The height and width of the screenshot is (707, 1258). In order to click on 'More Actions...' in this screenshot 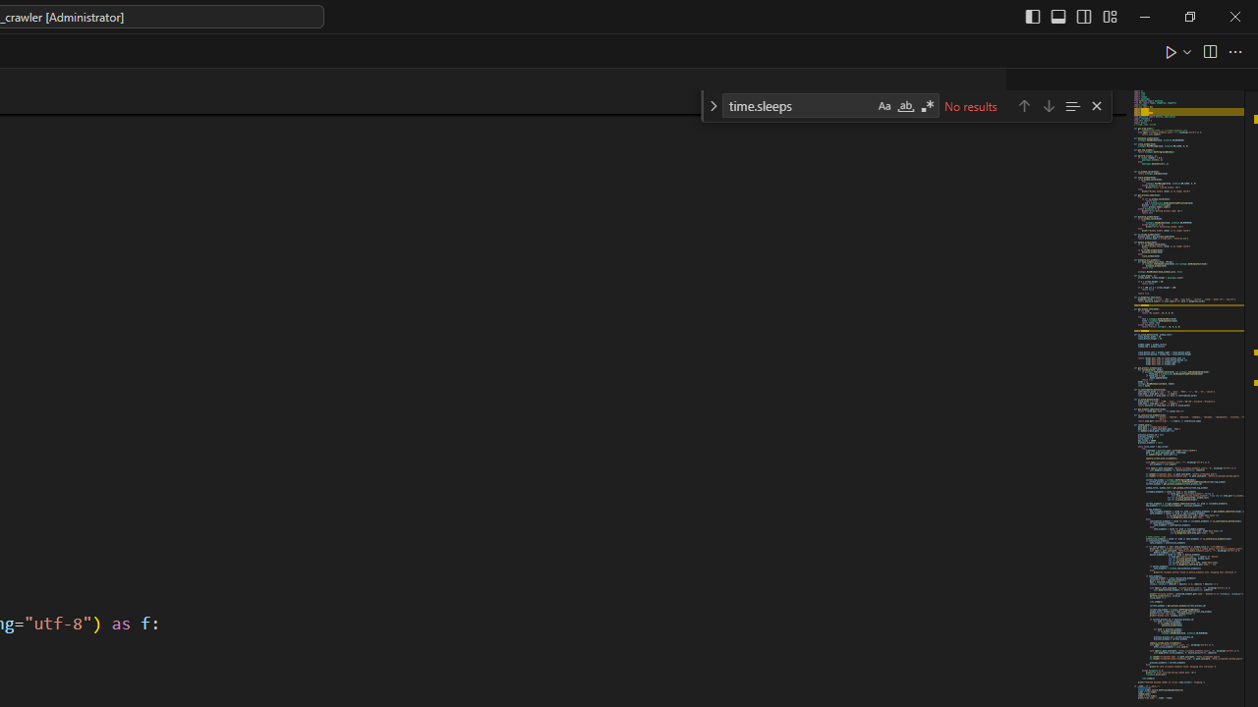, I will do `click(1233, 50)`.